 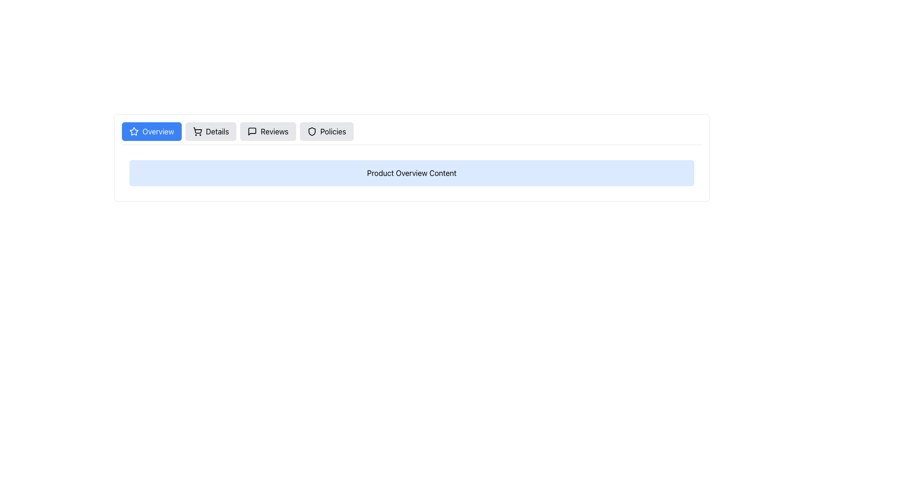 I want to click on the star icon located to the left of the 'Overview' text in the first tab of the top-left section of the interface, so click(x=134, y=131).